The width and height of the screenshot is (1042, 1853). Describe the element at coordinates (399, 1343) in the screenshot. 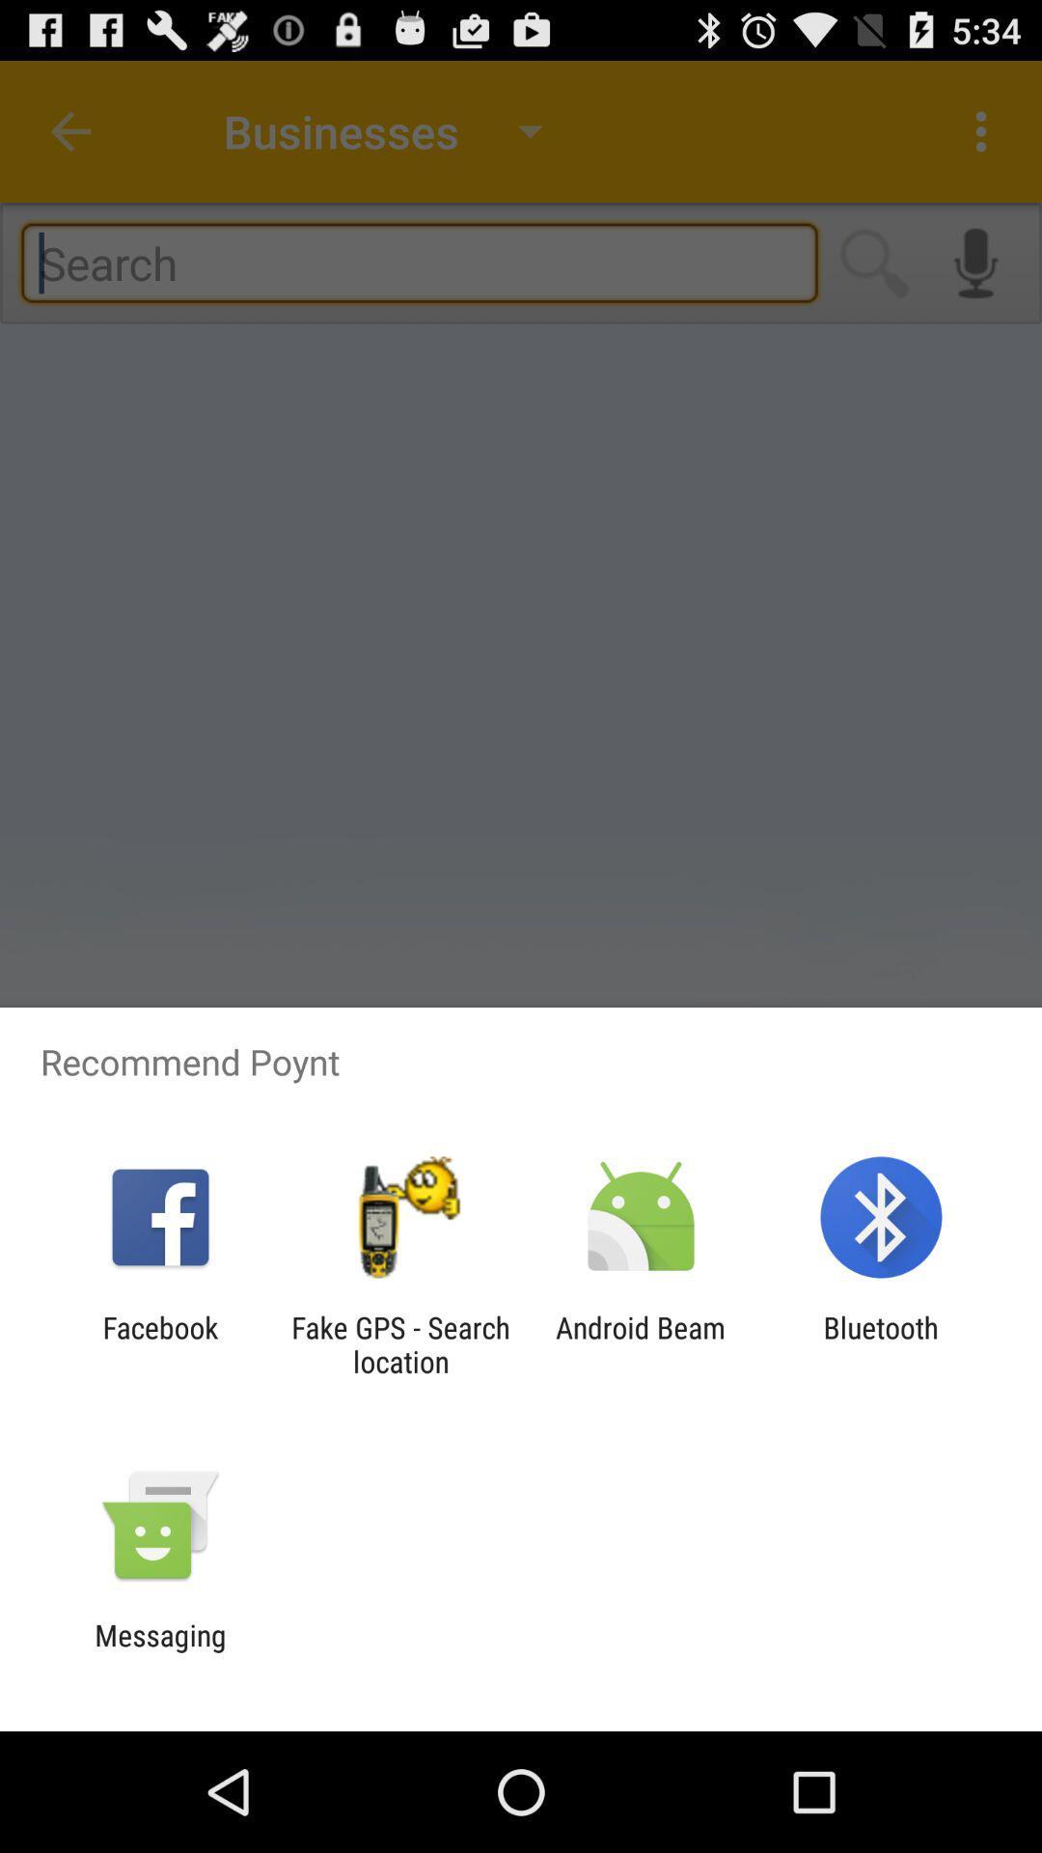

I see `fake gps search` at that location.